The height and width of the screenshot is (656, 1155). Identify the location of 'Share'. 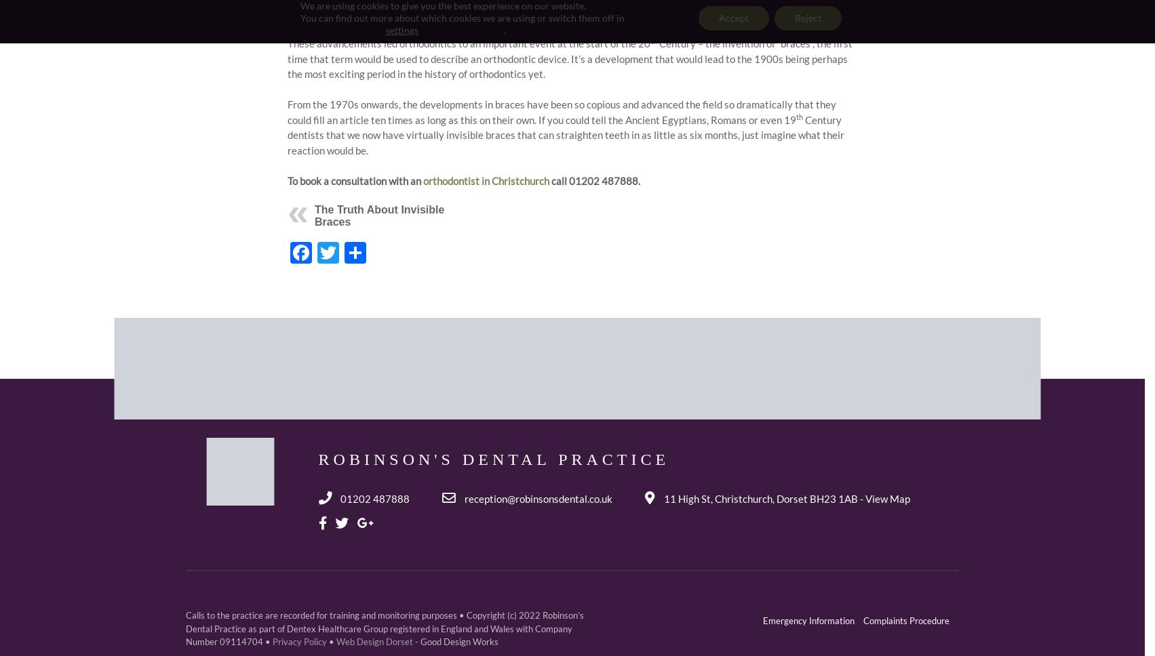
(393, 251).